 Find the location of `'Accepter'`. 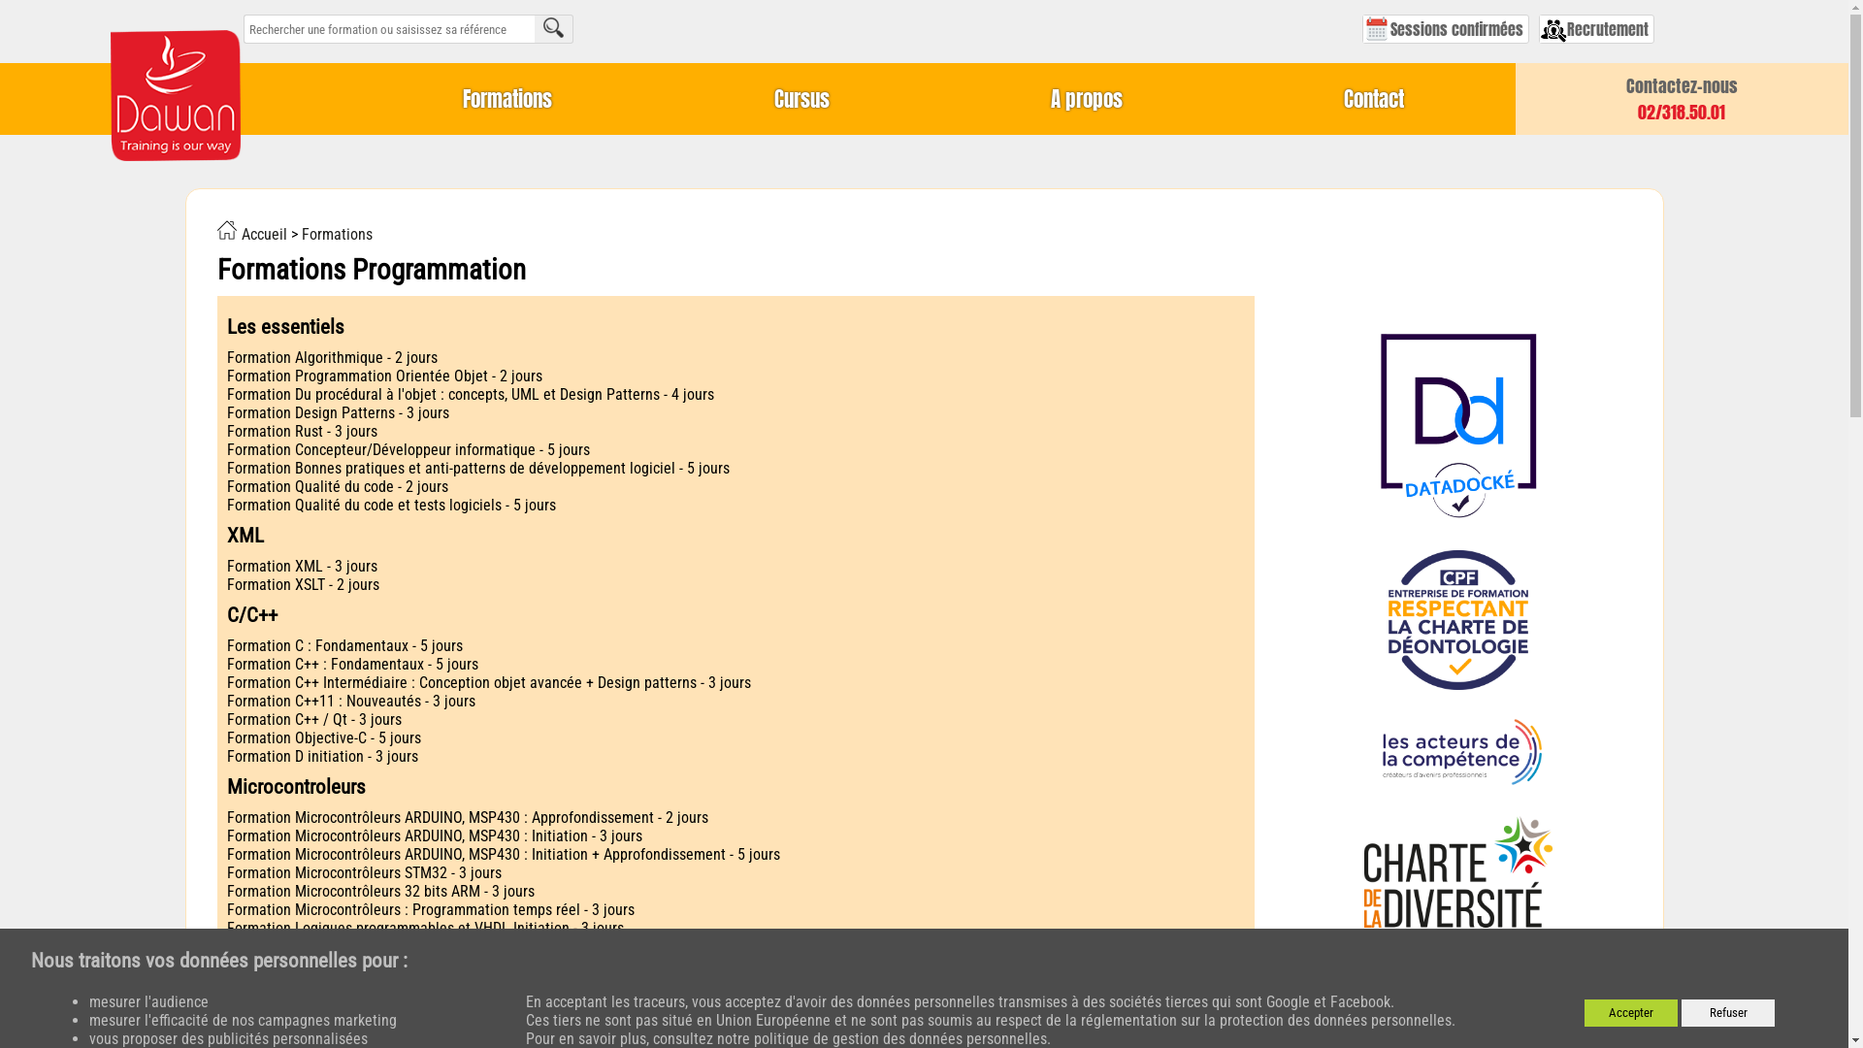

'Accepter' is located at coordinates (1630, 1012).